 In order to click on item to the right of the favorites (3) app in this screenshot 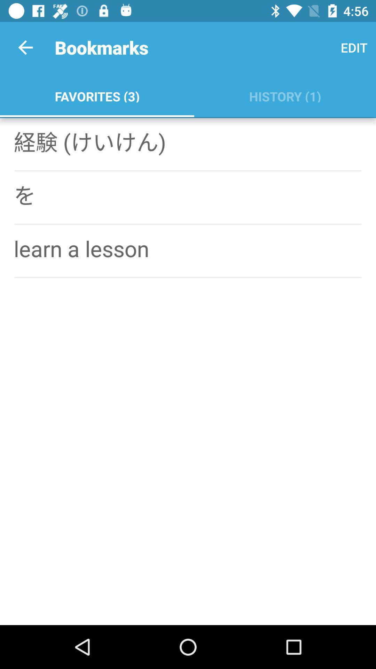, I will do `click(285, 95)`.